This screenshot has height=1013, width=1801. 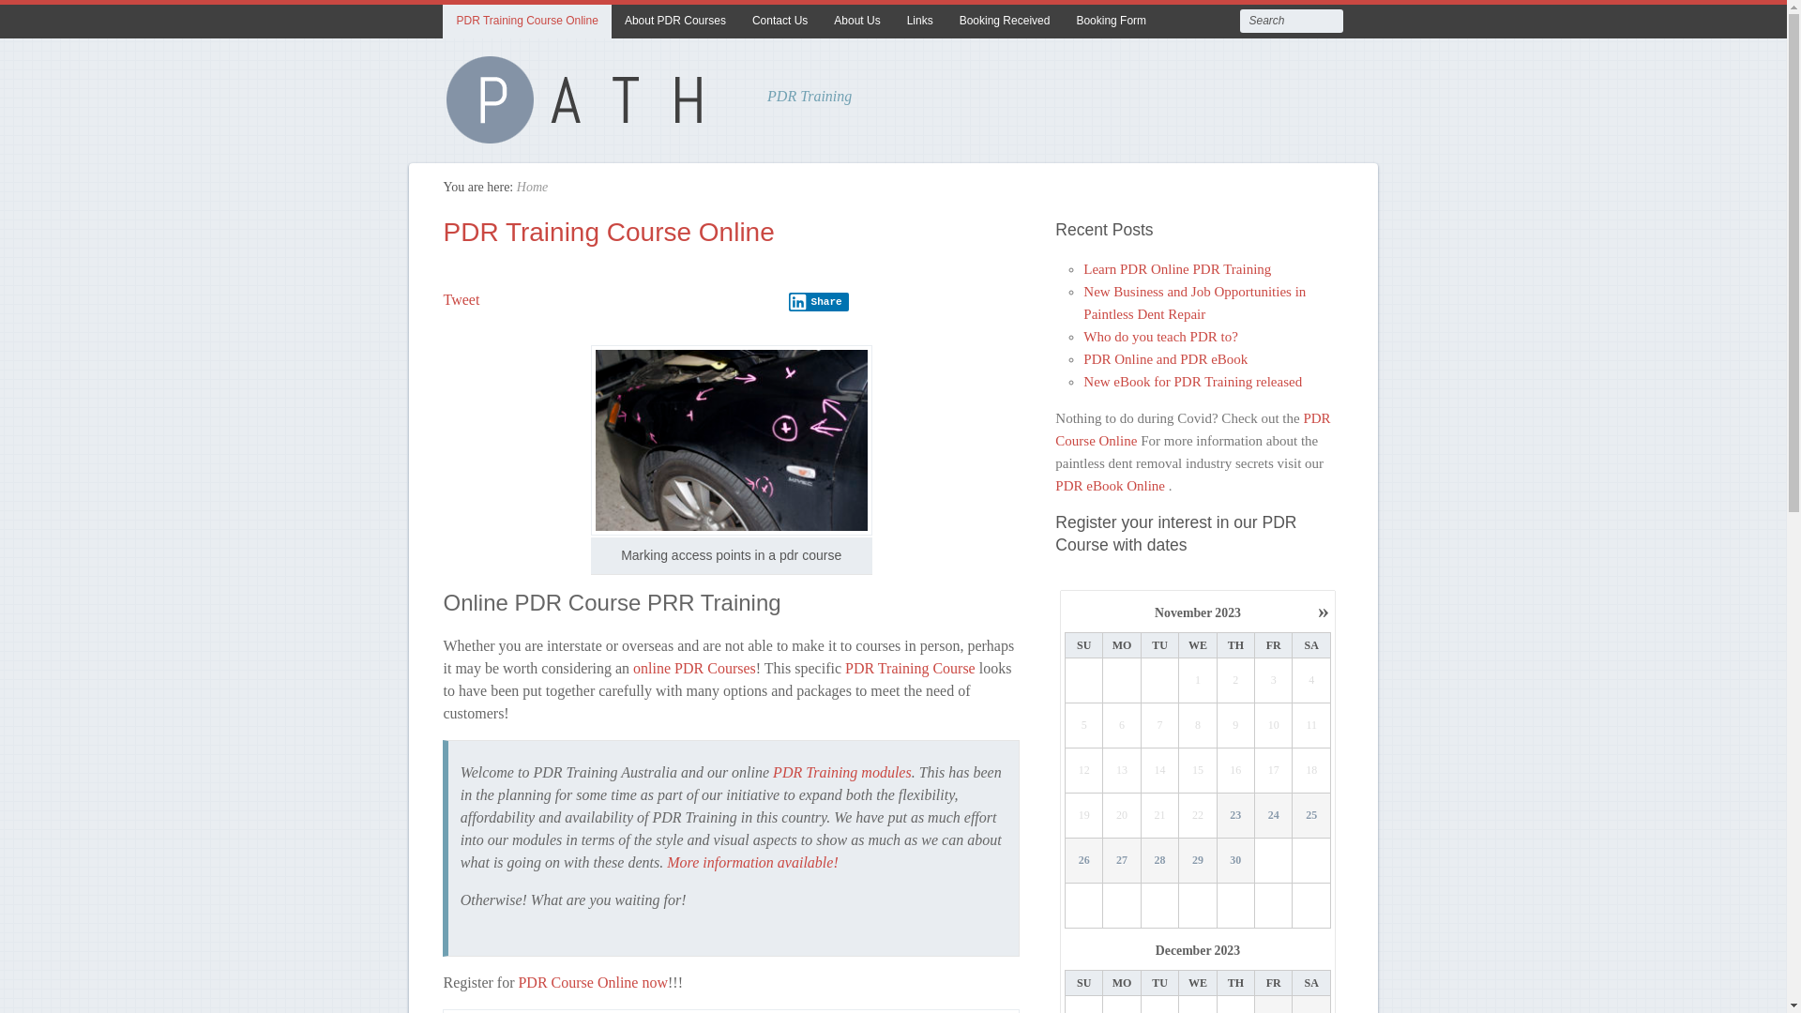 I want to click on 'Booking Received', so click(x=1004, y=22).